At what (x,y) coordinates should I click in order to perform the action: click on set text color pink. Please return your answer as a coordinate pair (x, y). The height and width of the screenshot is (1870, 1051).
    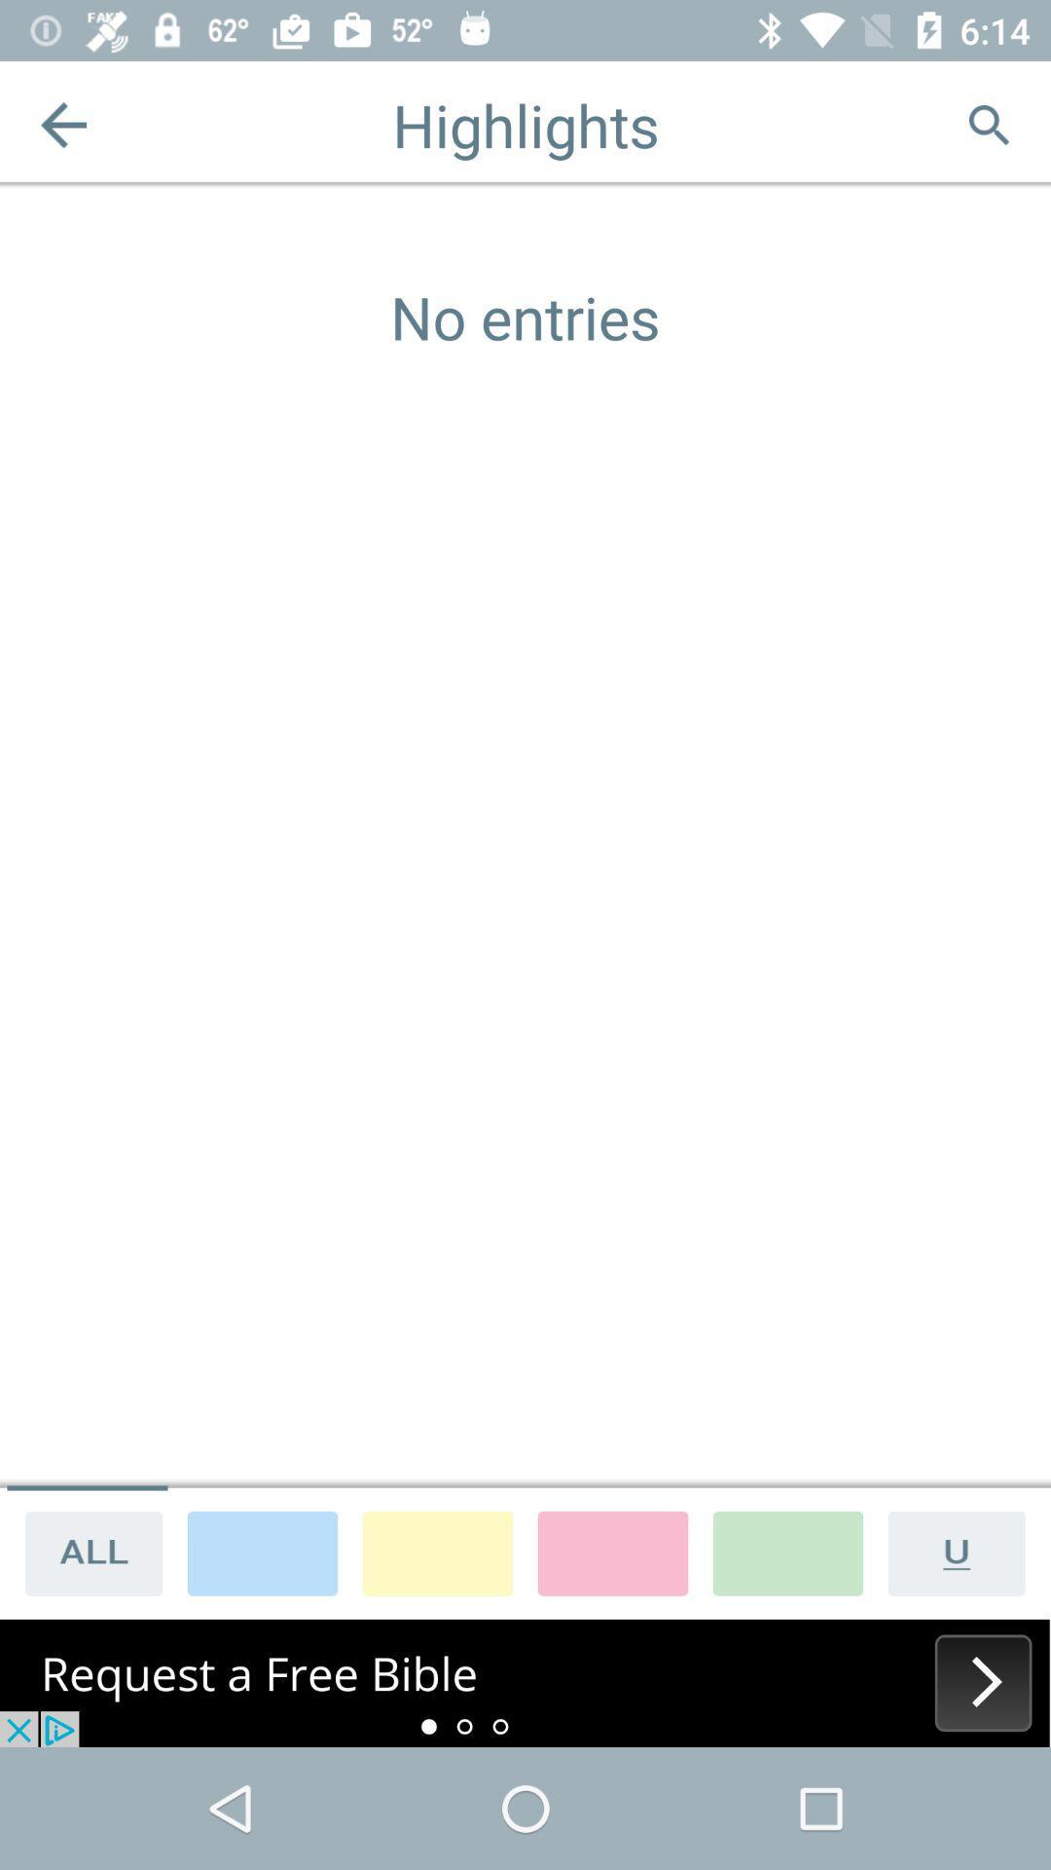
    Looking at the image, I should click on (611, 1552).